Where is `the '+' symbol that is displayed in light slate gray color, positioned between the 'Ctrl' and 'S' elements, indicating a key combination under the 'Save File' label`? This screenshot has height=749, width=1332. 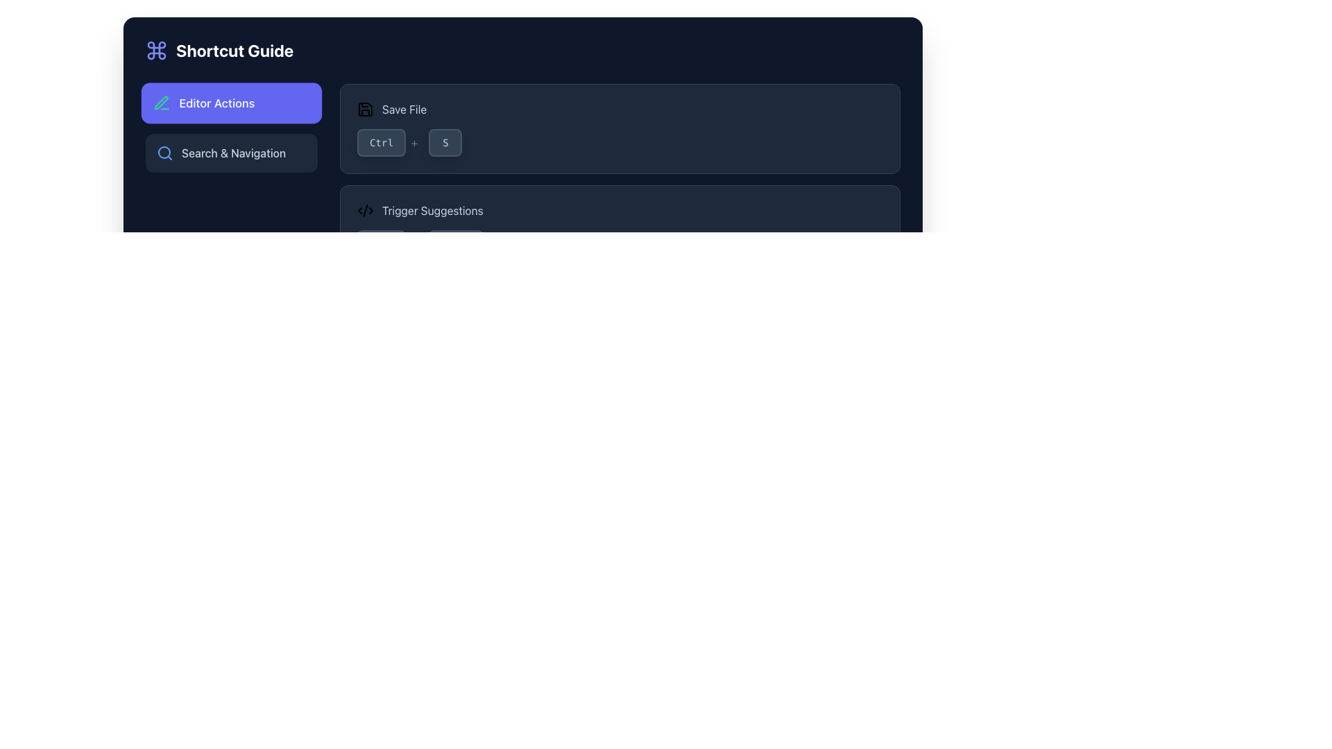
the '+' symbol that is displayed in light slate gray color, positioned between the 'Ctrl' and 'S' elements, indicating a key combination under the 'Save File' label is located at coordinates (413, 142).